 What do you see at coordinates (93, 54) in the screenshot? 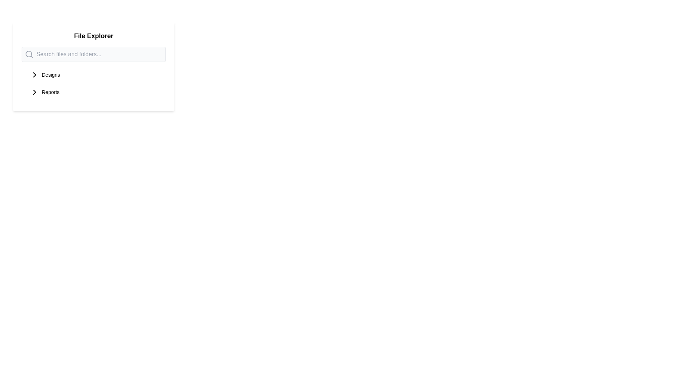
I see `the search bar input field located beneath the 'File Explorer' header` at bounding box center [93, 54].